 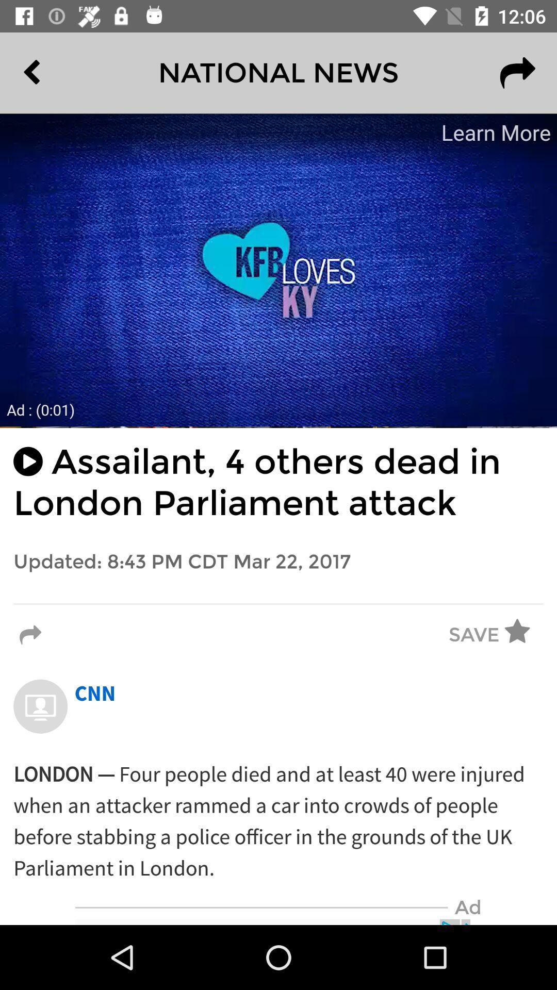 What do you see at coordinates (517, 72) in the screenshot?
I see `the redo icon` at bounding box center [517, 72].